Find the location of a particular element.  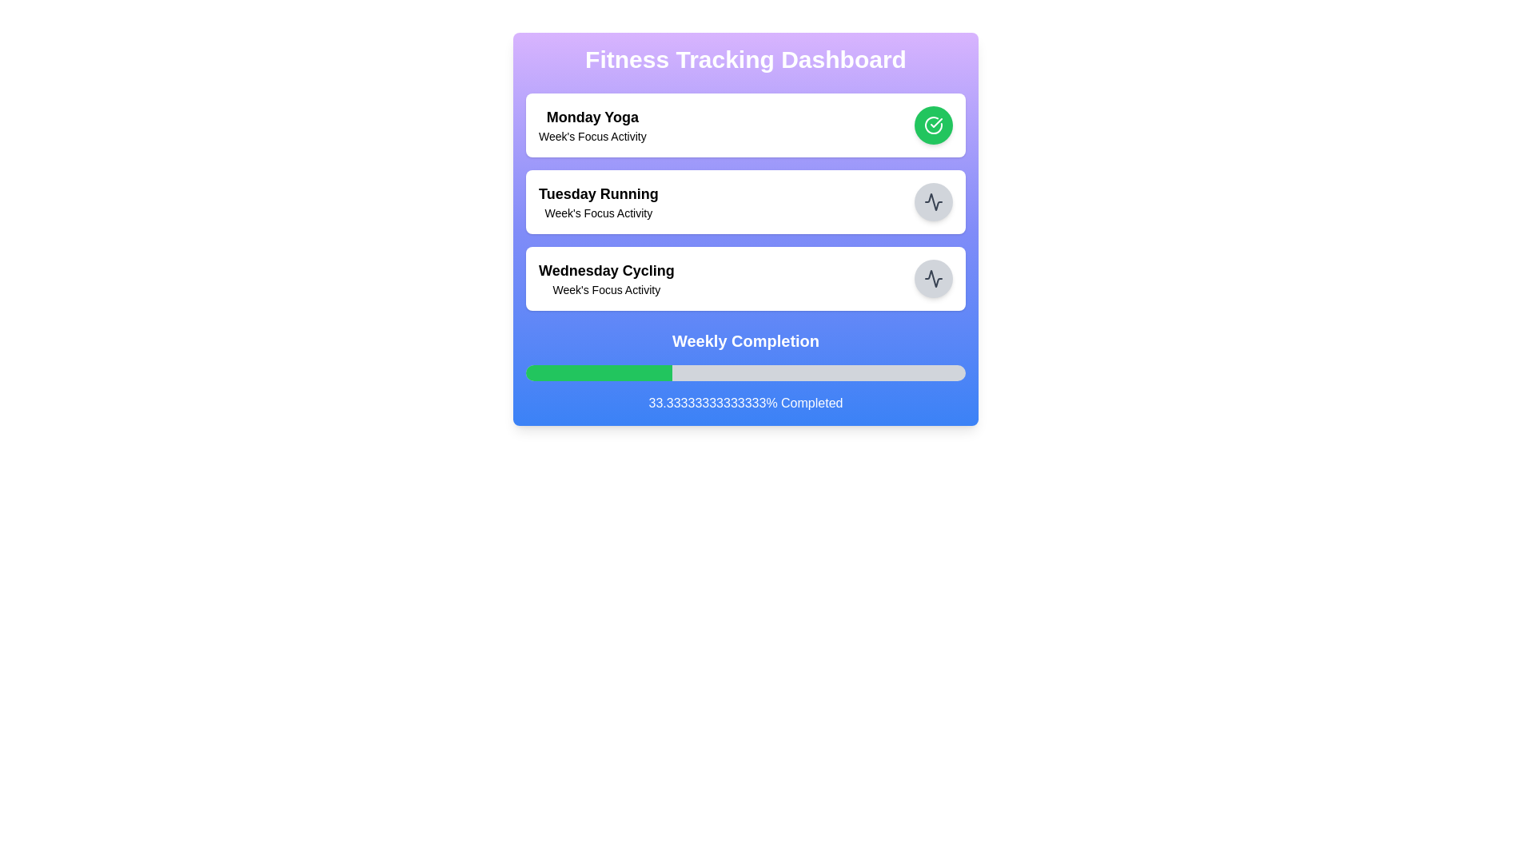

information about the 'Monday Yoga' activity displayed in the first card of the vertical stack on the Fitness Tracking Dashboard is located at coordinates (592, 125).